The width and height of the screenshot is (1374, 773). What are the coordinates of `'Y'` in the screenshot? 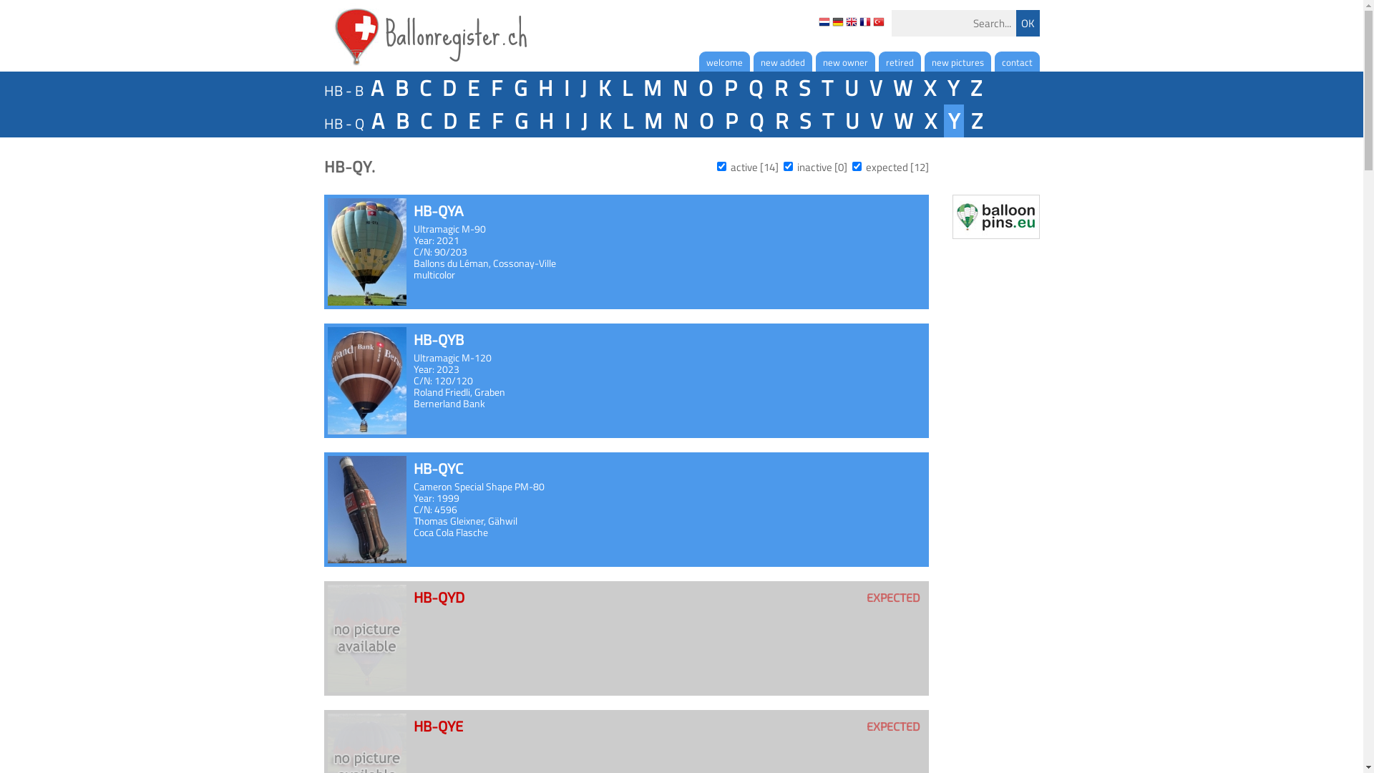 It's located at (952, 88).